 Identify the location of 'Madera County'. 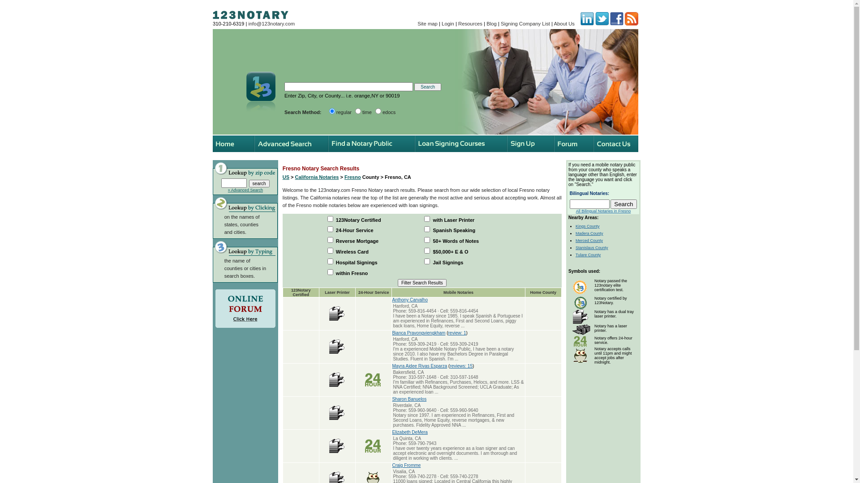
(589, 233).